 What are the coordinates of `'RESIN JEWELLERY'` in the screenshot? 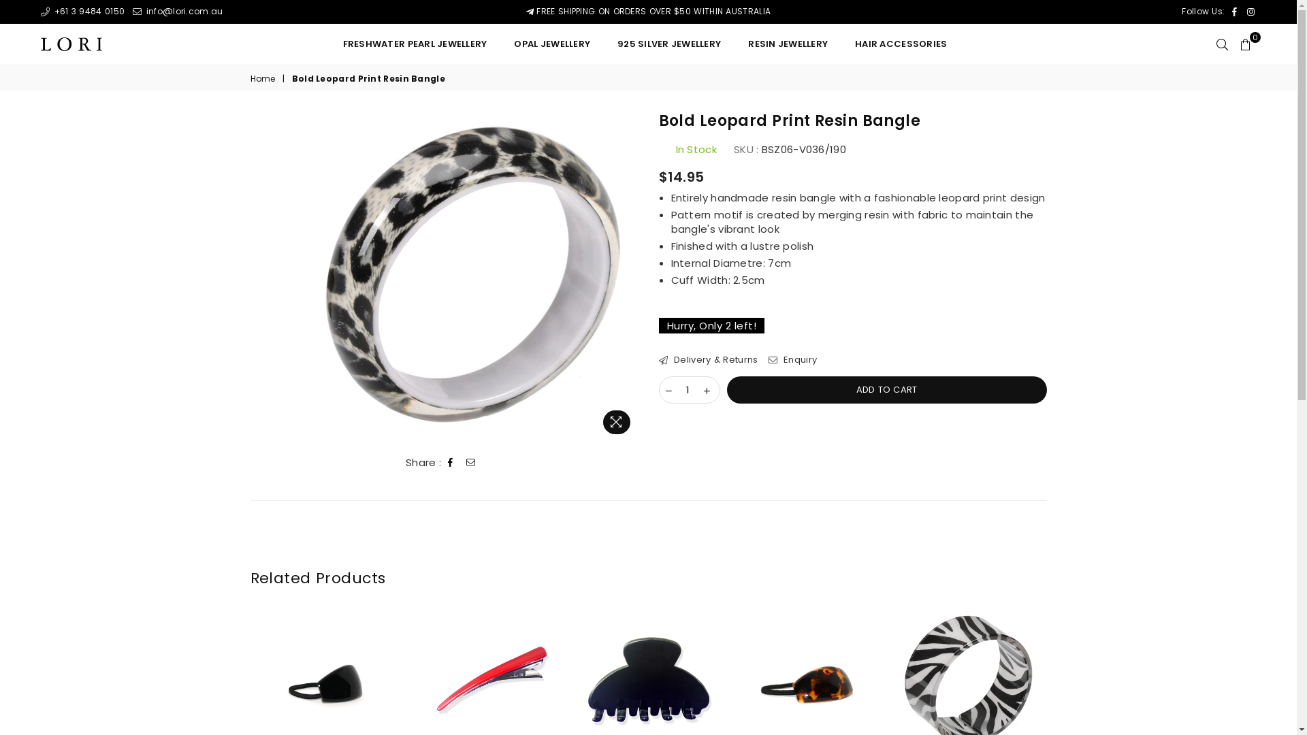 It's located at (788, 44).